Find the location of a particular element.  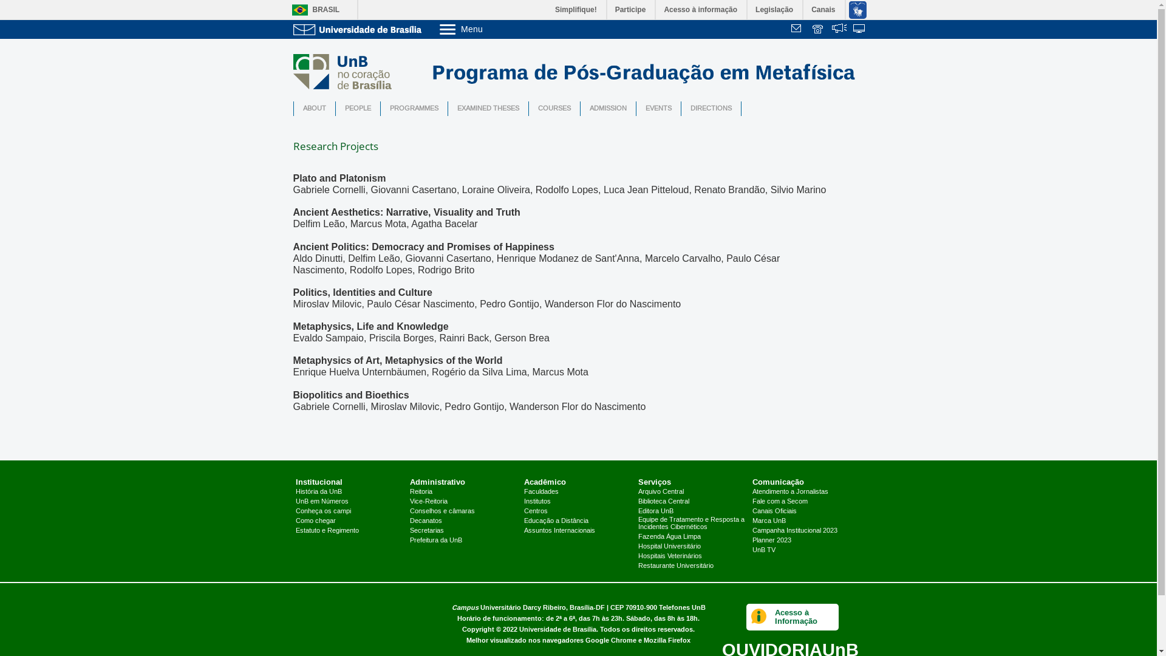

'Atendimento a Jornalistas' is located at coordinates (790, 492).